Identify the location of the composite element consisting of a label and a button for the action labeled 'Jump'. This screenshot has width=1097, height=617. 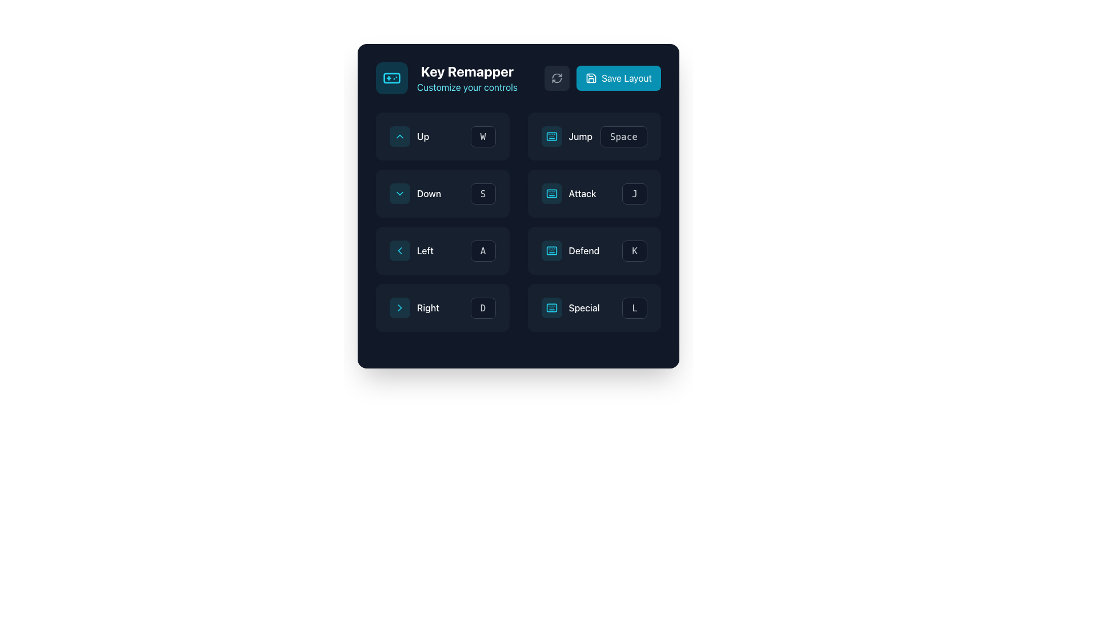
(594, 136).